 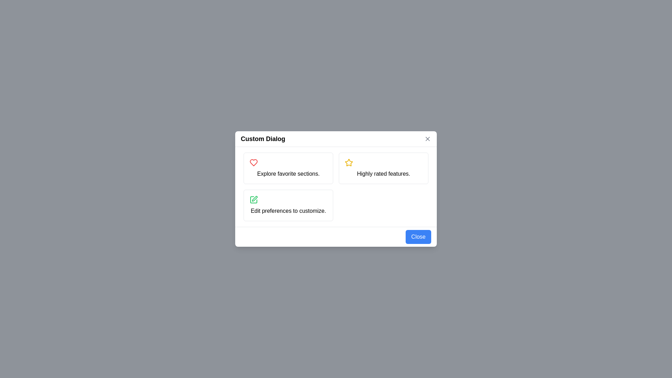 I want to click on the blue 'Close' button with rounded edges located in the bottom-right corner of the dialog box, so click(x=418, y=237).